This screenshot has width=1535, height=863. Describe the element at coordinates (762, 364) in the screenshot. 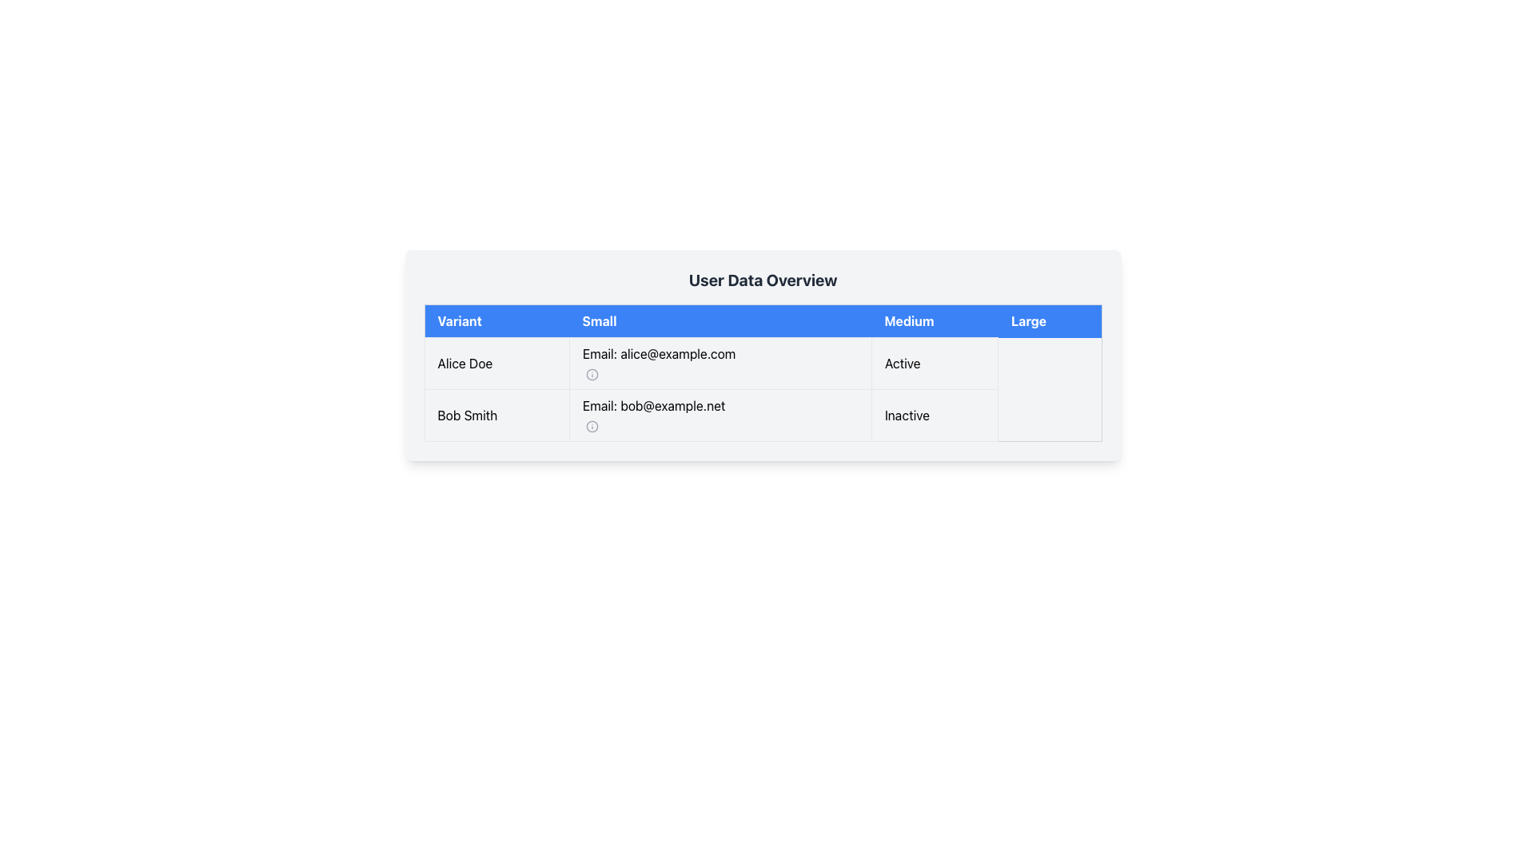

I see `the first row of the table containing the name 'Alice Doe', email 'alice@example.com', and status 'Active'` at that location.